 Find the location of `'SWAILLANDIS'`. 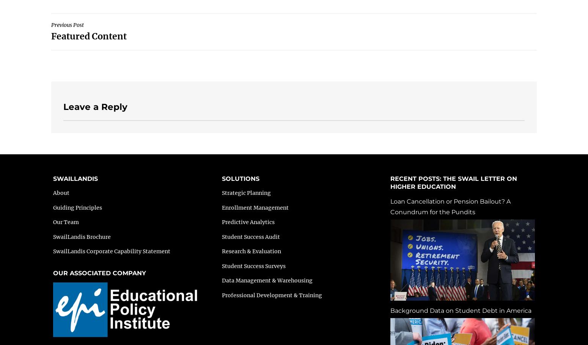

'SWAILLANDIS' is located at coordinates (75, 178).